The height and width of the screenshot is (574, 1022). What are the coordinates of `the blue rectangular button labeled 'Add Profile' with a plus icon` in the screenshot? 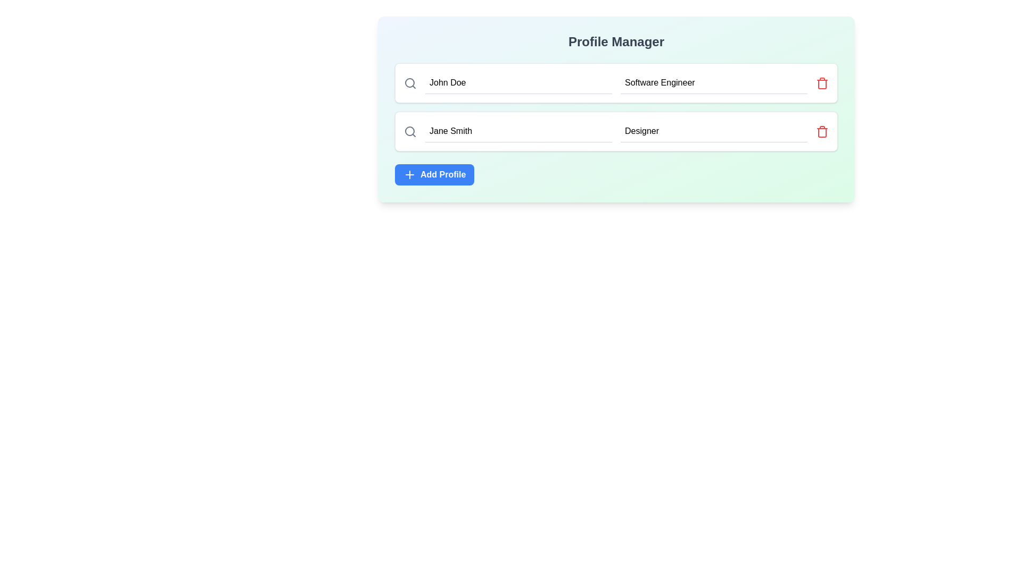 It's located at (434, 174).